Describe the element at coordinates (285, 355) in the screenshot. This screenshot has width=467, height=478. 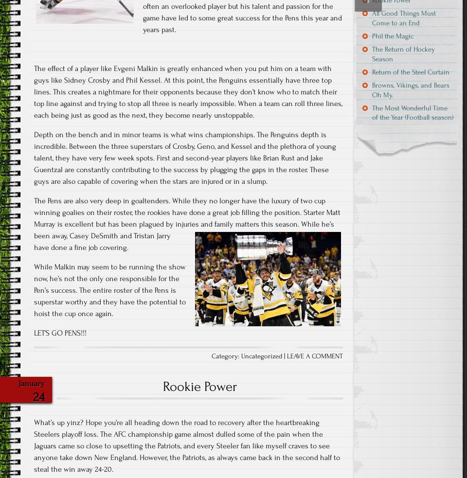
I see `'|'` at that location.